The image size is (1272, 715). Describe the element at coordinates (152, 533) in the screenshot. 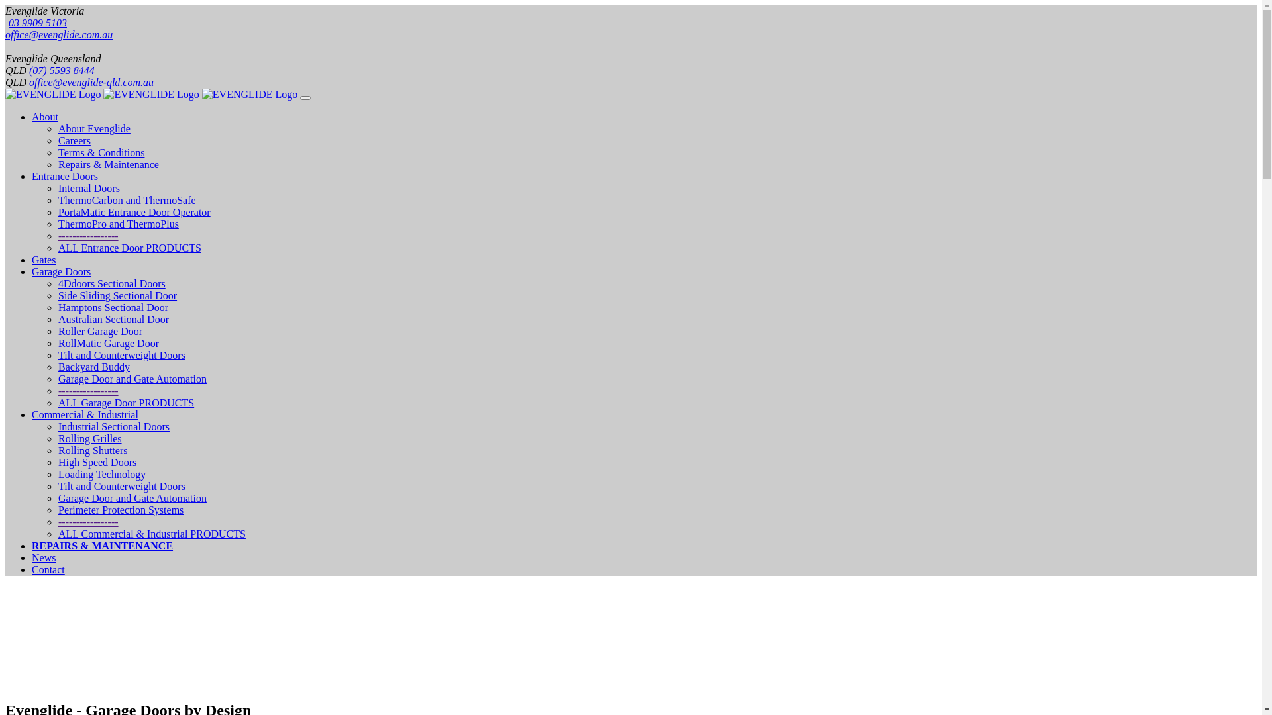

I see `'ALL Commercial & Industrial PRODUCTS'` at that location.